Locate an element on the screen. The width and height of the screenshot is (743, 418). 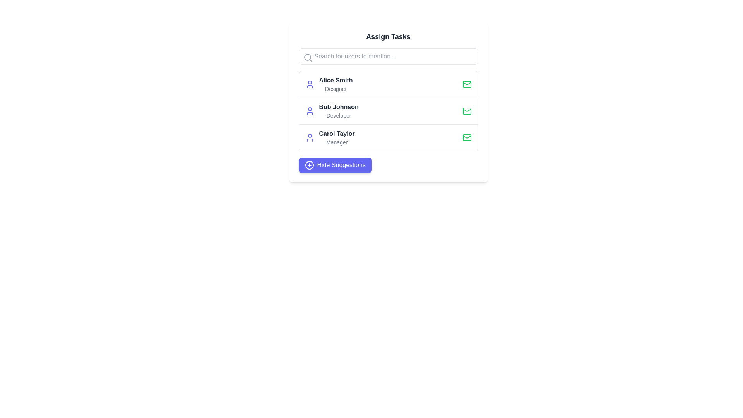
the green outlined envelope icon located on the right side of the row for 'Bob Johnson, Developer' is located at coordinates (466, 111).